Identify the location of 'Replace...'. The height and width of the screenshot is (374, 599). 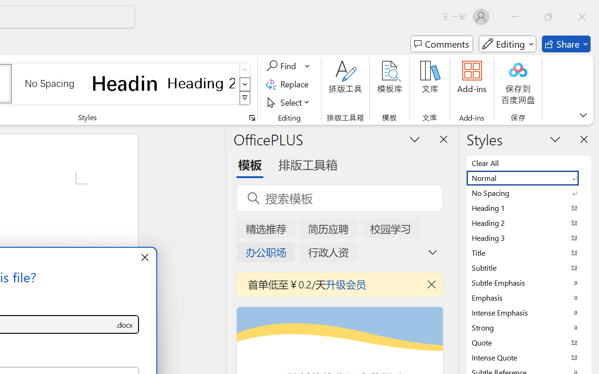
(288, 84).